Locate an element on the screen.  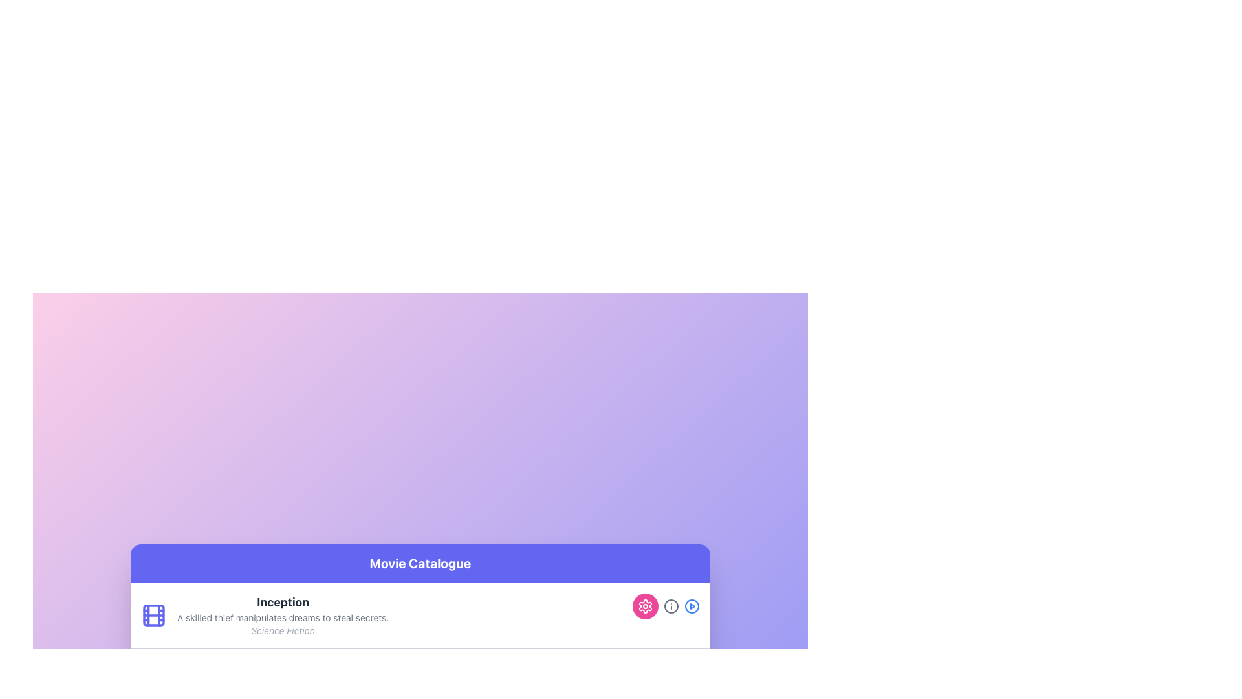
the leftmost circular button with a pink background and white gear icon located at the far right of the movie description row for 'Inception' is located at coordinates (666, 606).